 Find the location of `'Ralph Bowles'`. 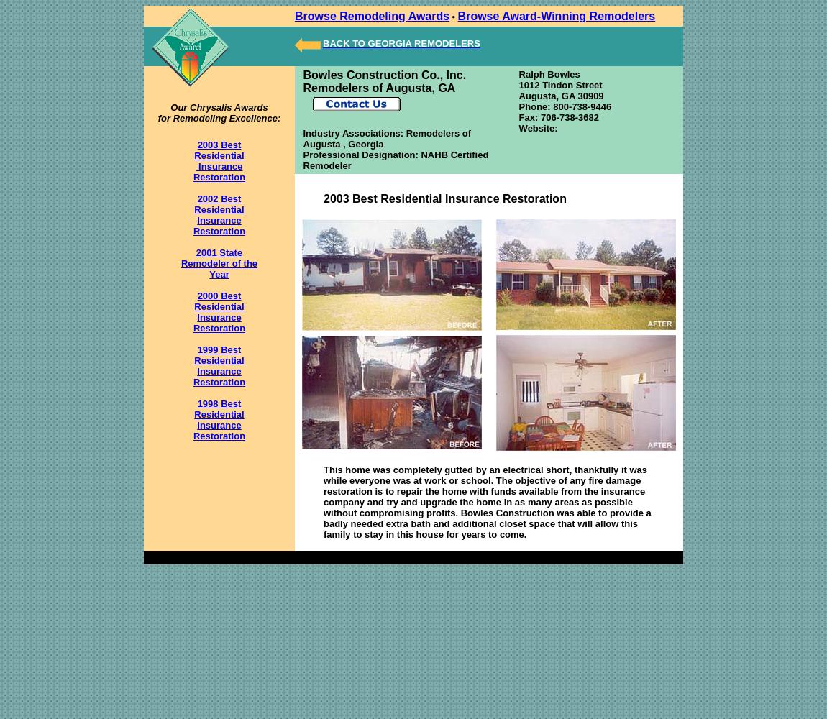

'Ralph Bowles' is located at coordinates (518, 73).